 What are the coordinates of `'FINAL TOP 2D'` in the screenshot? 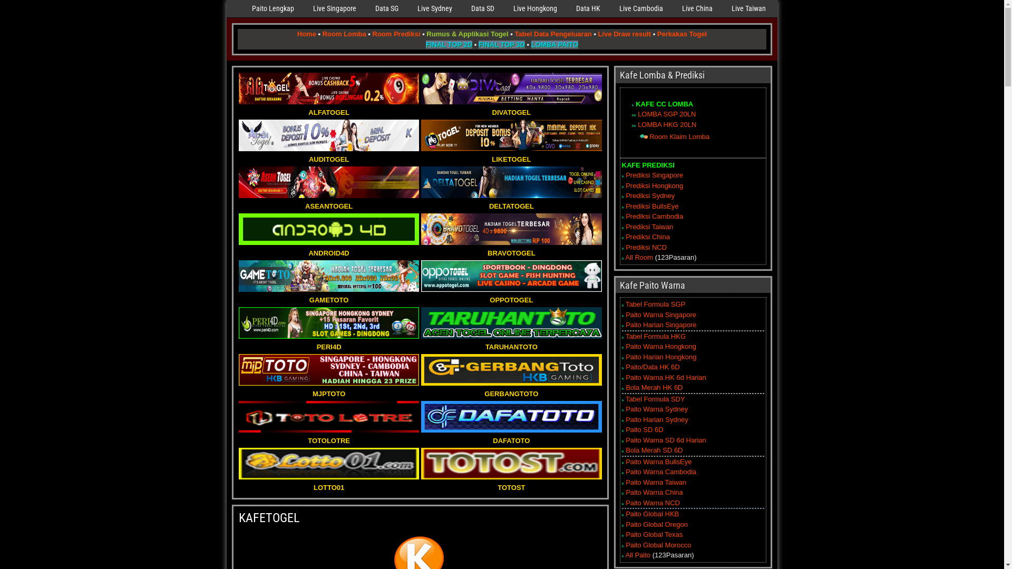 It's located at (449, 43).